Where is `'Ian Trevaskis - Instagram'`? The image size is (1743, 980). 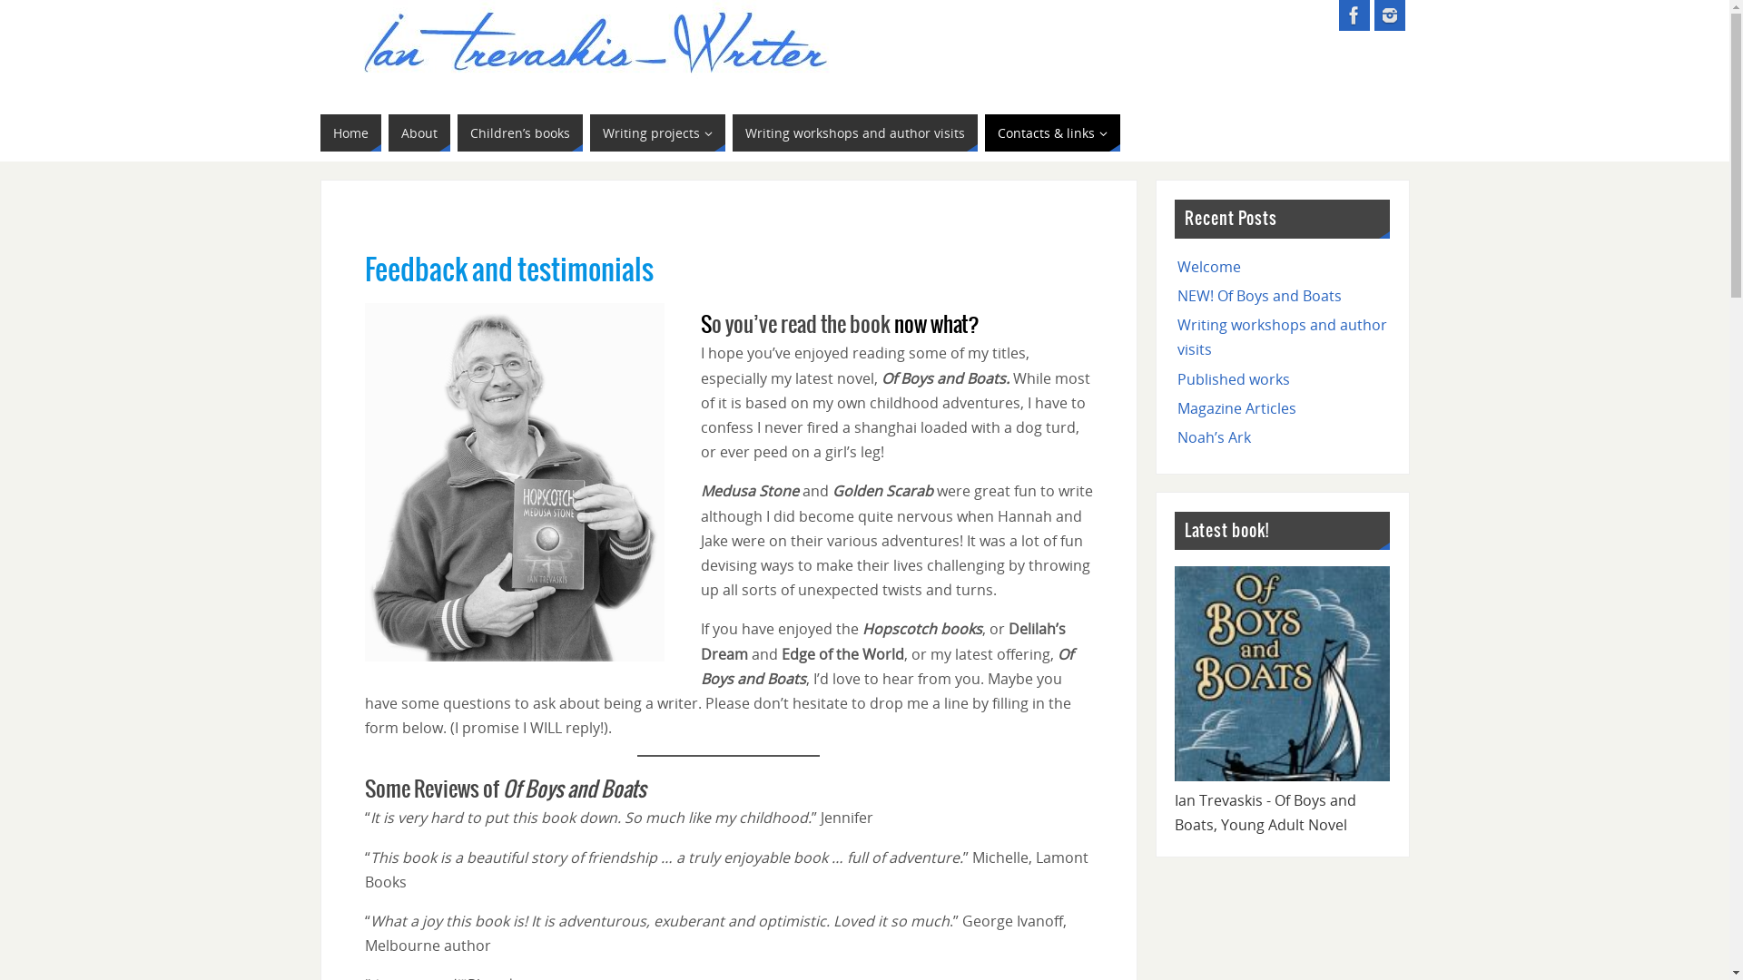 'Ian Trevaskis - Instagram' is located at coordinates (1374, 15).